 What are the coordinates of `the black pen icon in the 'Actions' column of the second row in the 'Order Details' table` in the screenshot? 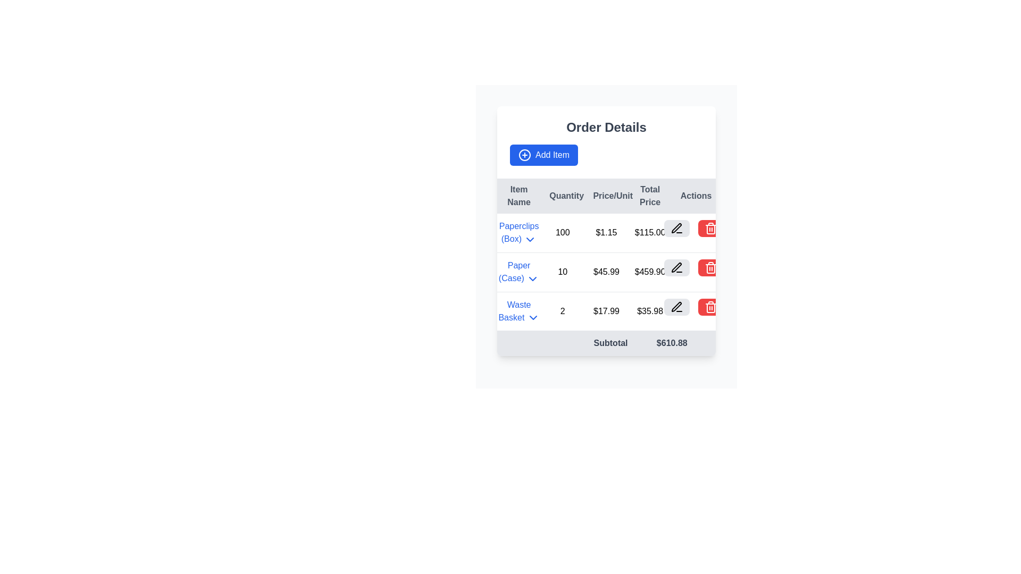 It's located at (676, 267).